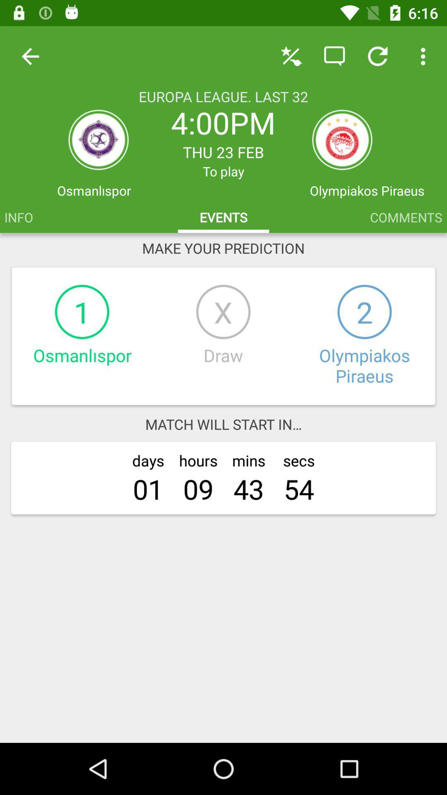  Describe the element at coordinates (342, 139) in the screenshot. I see `the refresh icon` at that location.